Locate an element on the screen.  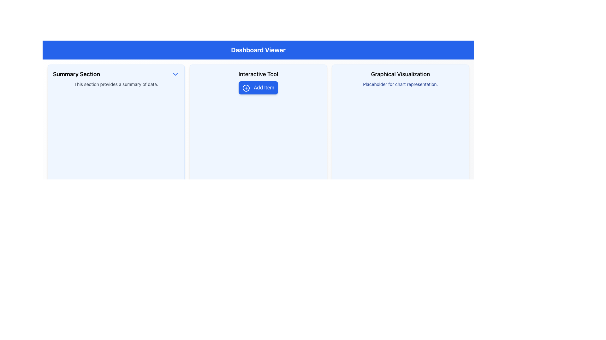
text label displaying 'Placeholder for chart representation.' which is located below the header 'Graphical Visualization' within a light blue background section is located at coordinates (400, 84).